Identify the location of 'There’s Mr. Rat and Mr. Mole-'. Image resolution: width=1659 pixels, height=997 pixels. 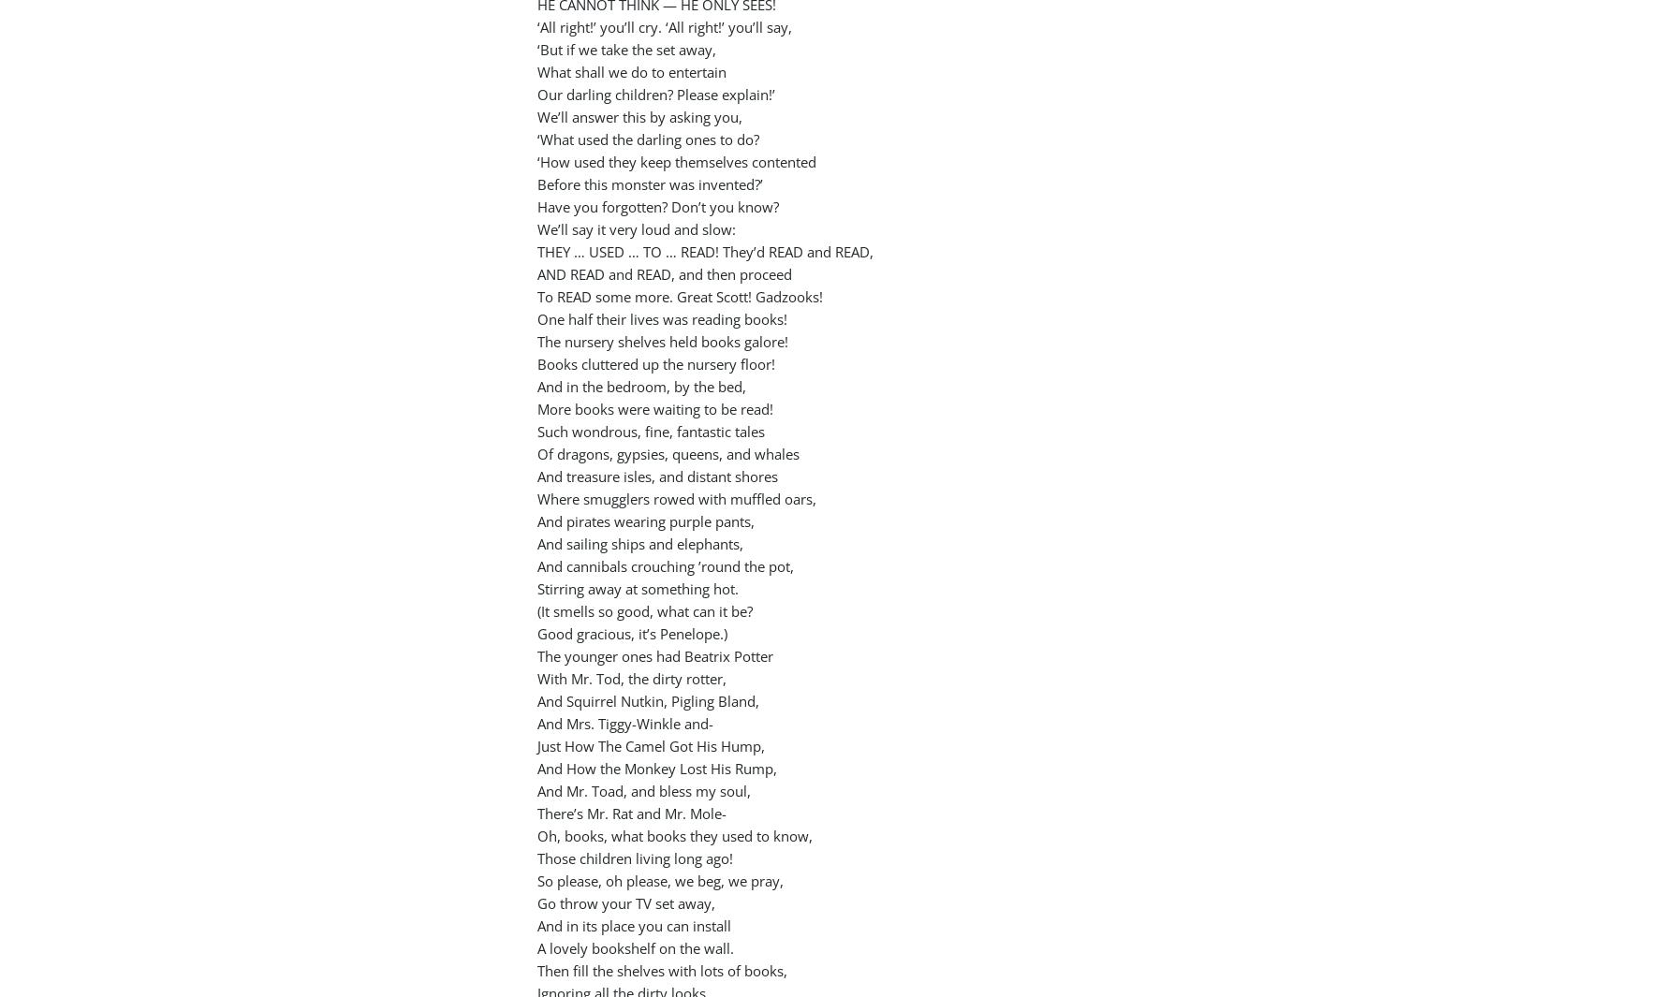
(633, 814).